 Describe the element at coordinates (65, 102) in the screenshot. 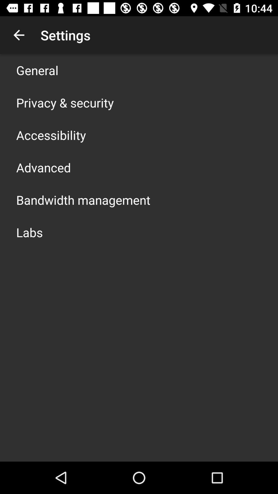

I see `the icon below the general icon` at that location.